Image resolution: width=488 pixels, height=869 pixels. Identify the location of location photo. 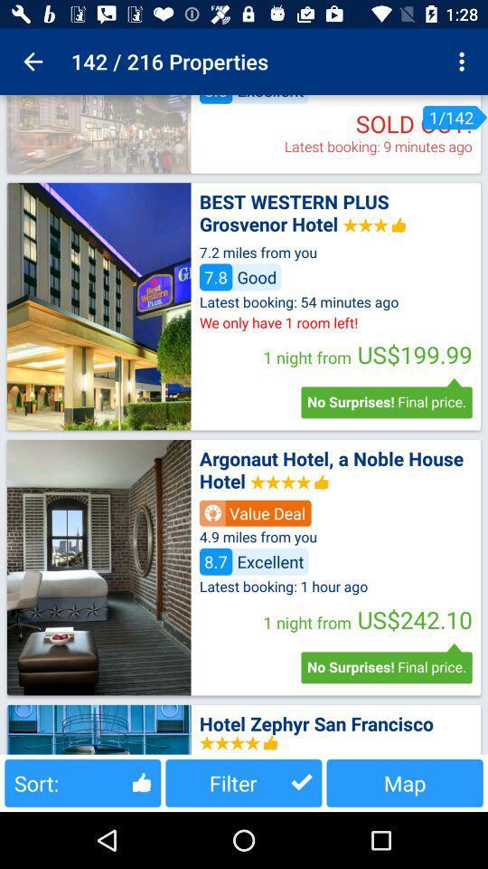
(99, 567).